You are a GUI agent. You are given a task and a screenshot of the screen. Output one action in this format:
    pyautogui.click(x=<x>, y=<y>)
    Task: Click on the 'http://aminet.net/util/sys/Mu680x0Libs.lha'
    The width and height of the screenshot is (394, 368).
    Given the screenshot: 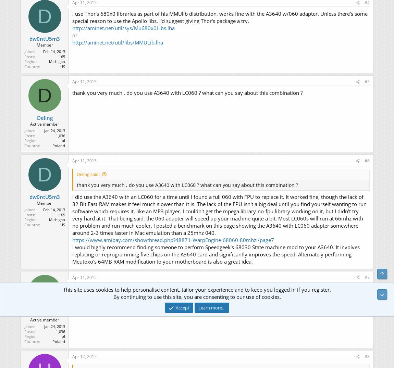 What is the action you would take?
    pyautogui.click(x=123, y=28)
    